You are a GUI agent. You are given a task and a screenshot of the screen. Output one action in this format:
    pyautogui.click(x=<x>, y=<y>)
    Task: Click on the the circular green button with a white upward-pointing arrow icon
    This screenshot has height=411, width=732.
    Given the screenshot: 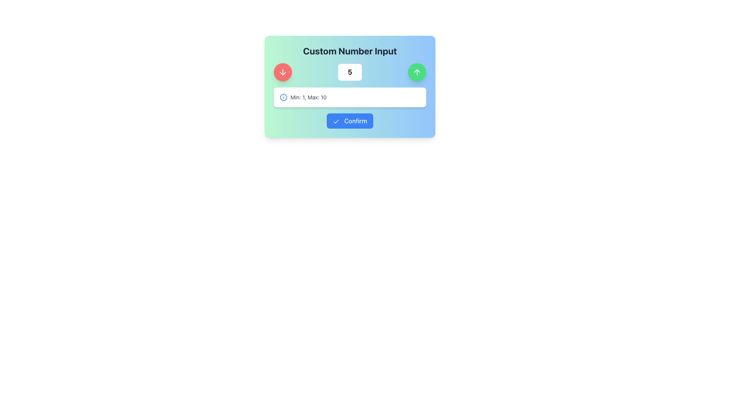 What is the action you would take?
    pyautogui.click(x=417, y=72)
    